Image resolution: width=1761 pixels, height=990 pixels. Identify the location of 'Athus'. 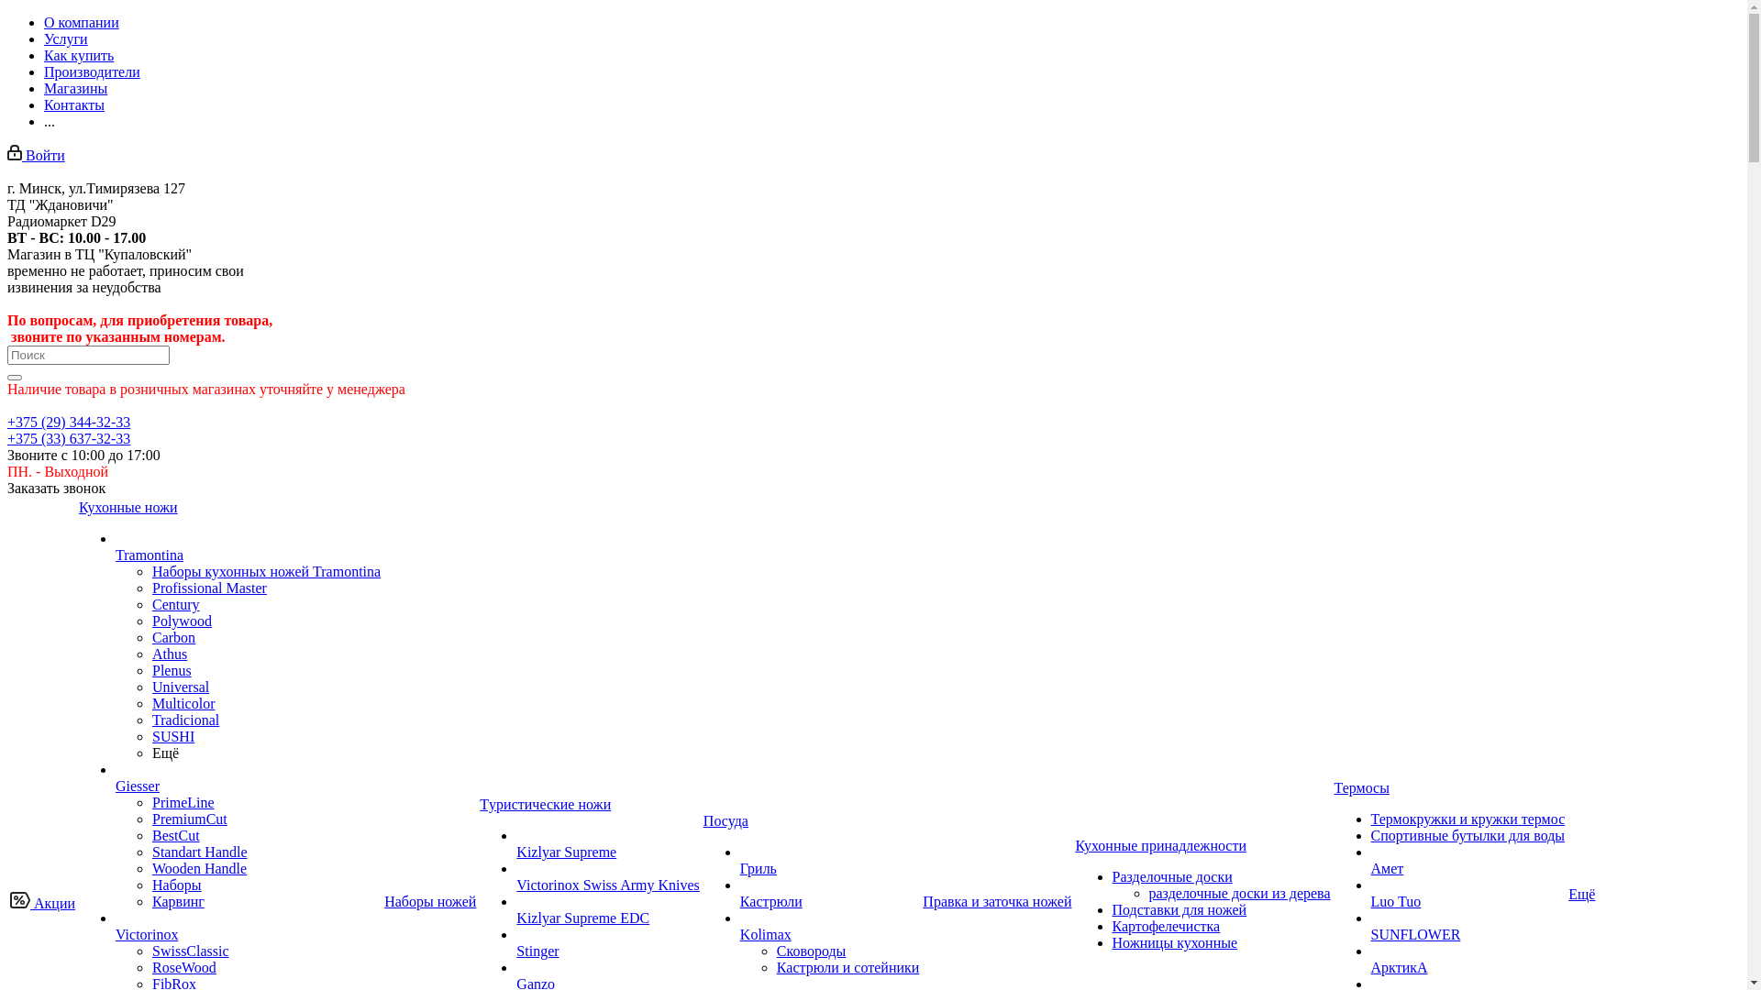
(170, 653).